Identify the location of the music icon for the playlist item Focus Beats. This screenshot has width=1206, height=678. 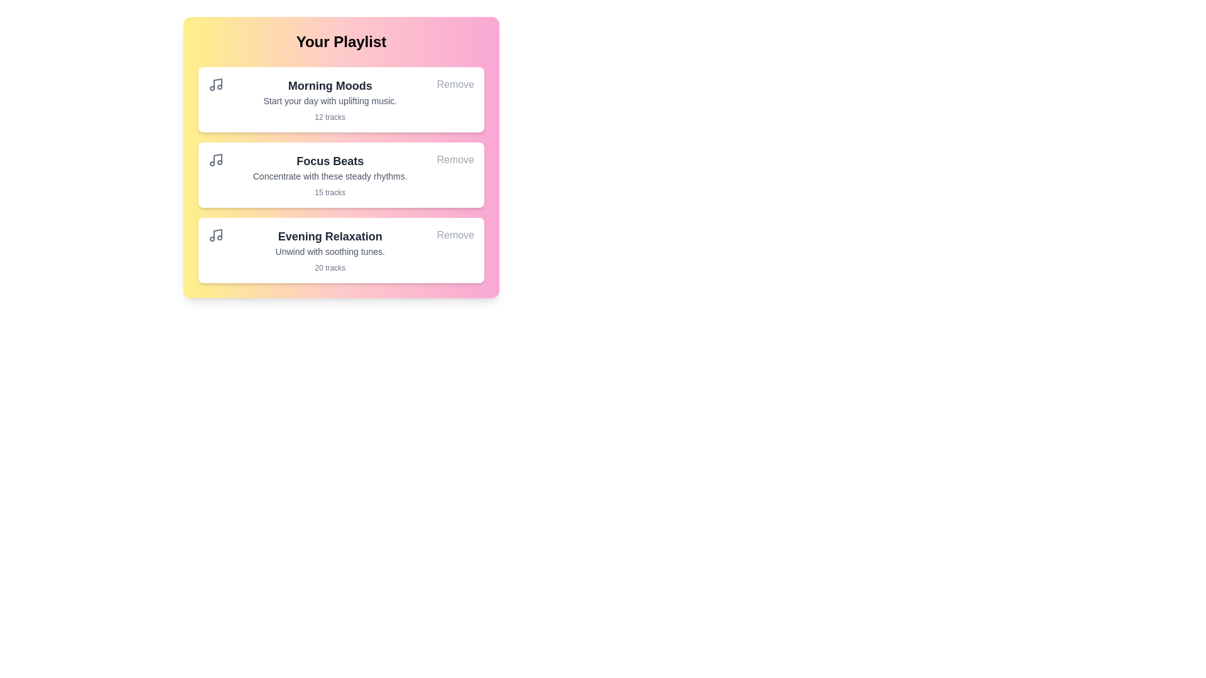
(216, 159).